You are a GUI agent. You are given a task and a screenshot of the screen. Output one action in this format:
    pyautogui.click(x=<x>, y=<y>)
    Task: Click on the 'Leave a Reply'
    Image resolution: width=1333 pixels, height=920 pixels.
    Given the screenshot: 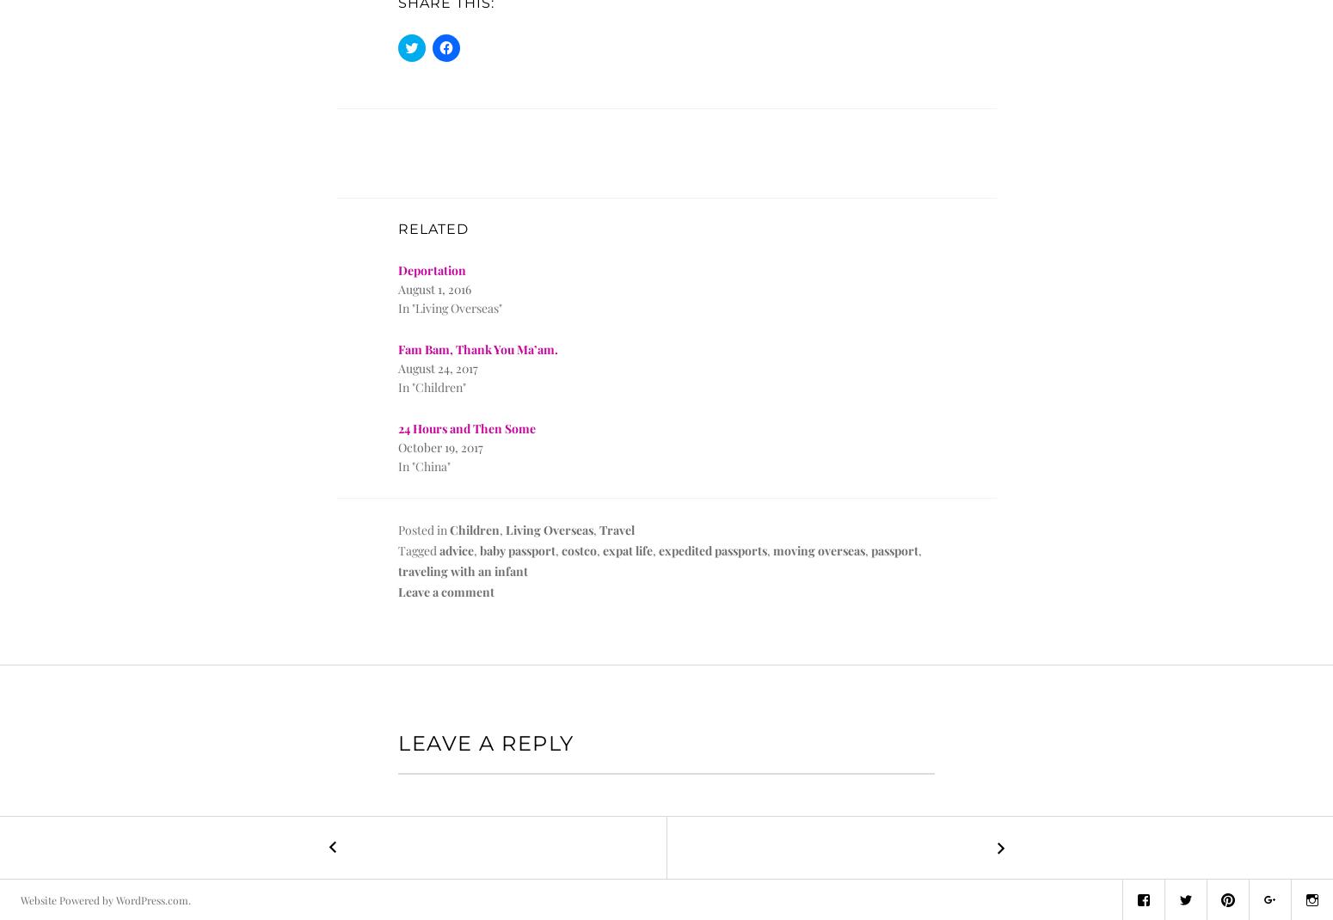 What is the action you would take?
    pyautogui.click(x=485, y=743)
    